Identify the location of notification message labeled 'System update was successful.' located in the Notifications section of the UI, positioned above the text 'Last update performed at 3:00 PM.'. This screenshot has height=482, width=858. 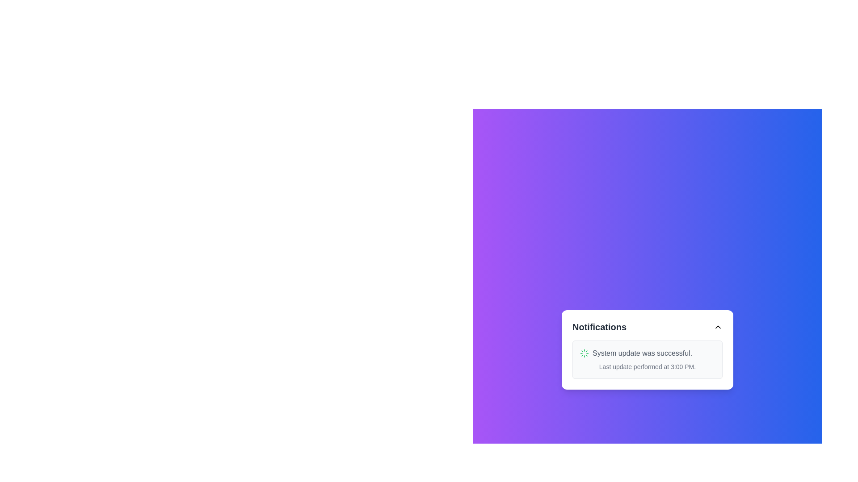
(642, 353).